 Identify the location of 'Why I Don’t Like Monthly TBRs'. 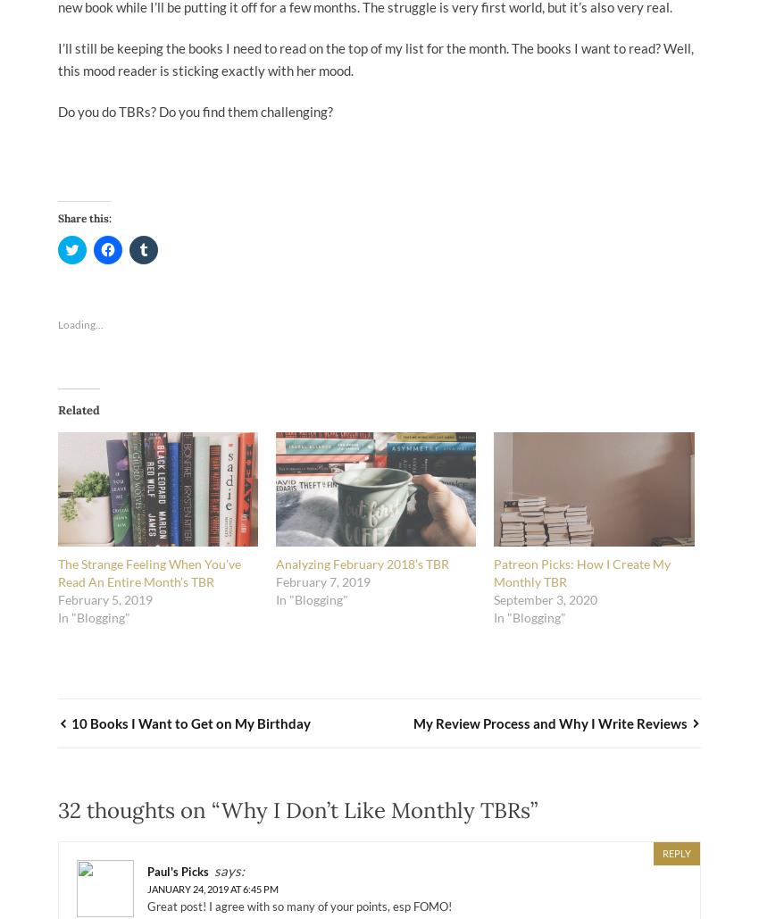
(376, 810).